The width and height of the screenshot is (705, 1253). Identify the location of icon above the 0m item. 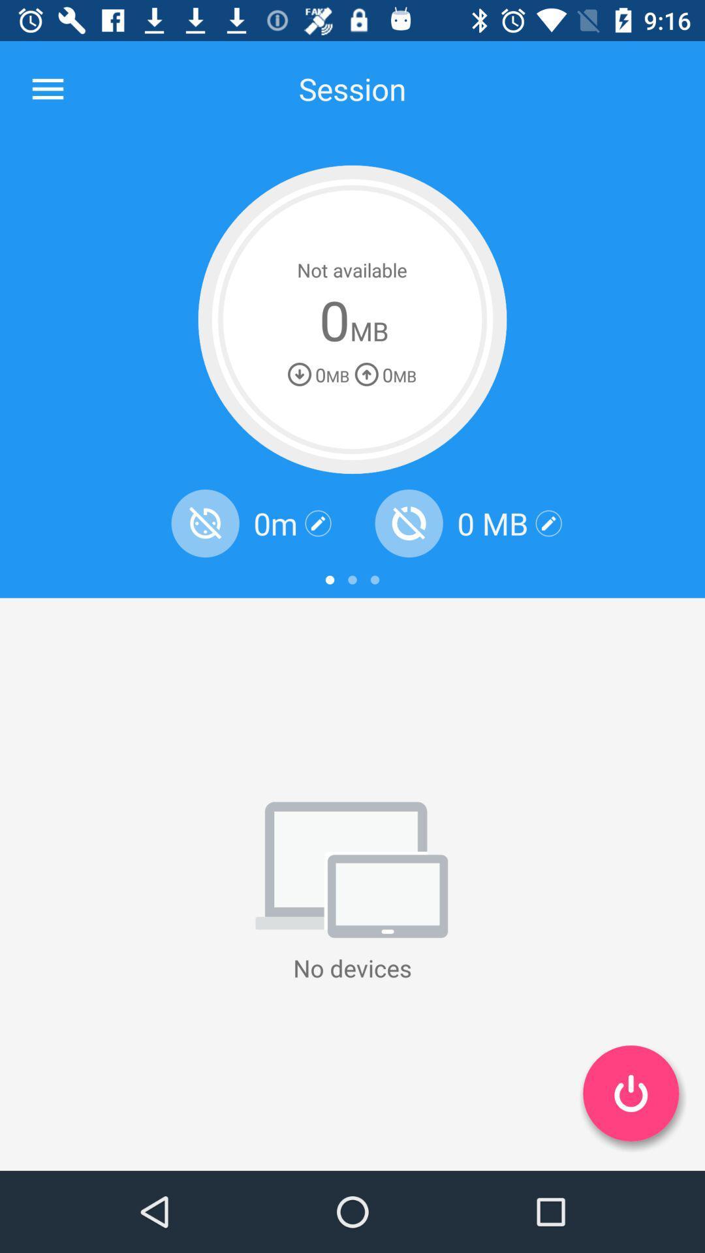
(352, 319).